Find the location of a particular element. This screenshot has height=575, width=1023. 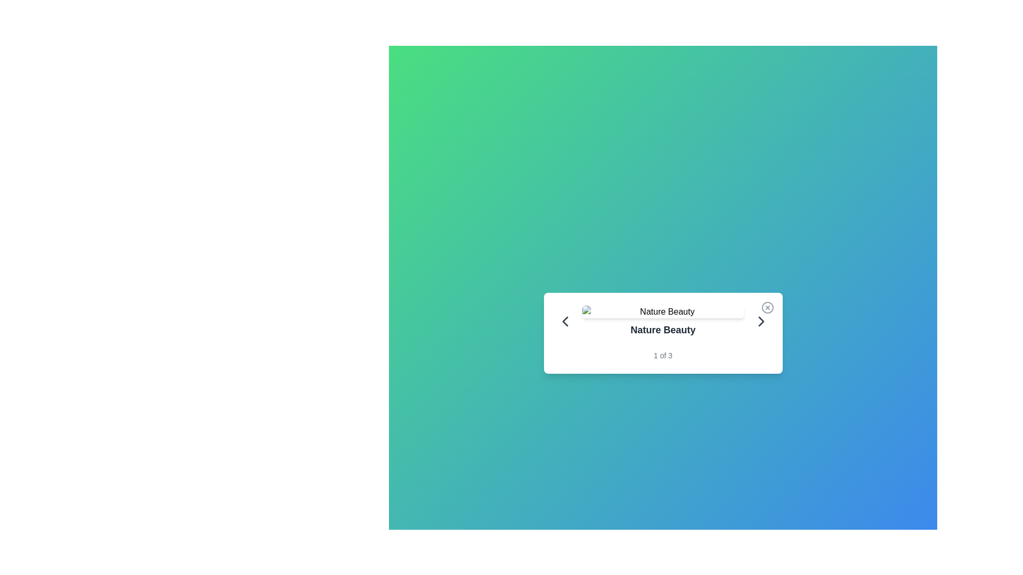

the circular outline surrounding the 'X' icon used for close functionality located in the top-right corner of the card interface containing 'Nature Beauty' and navigation controls is located at coordinates (767, 308).